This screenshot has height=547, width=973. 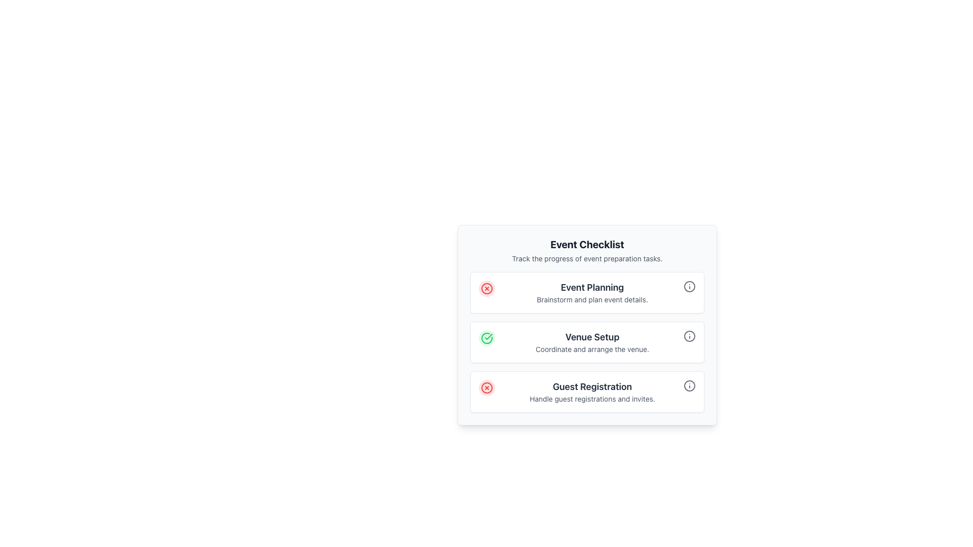 I want to click on the second item in the 'Event Checklist' labeled 'Venue Setup' to interact or learn more, so click(x=587, y=342).